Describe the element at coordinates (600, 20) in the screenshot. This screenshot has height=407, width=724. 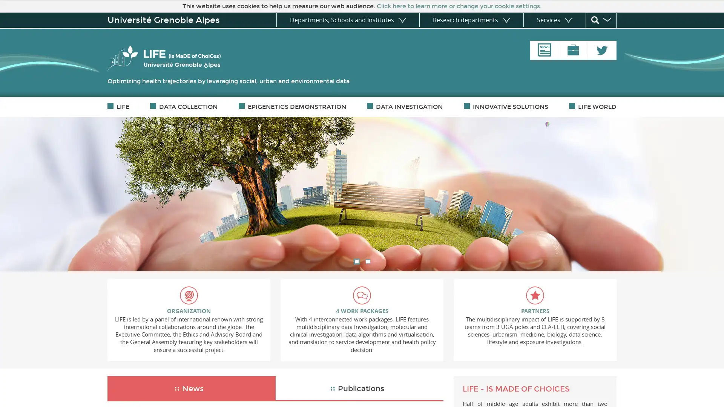
I see `Search` at that location.